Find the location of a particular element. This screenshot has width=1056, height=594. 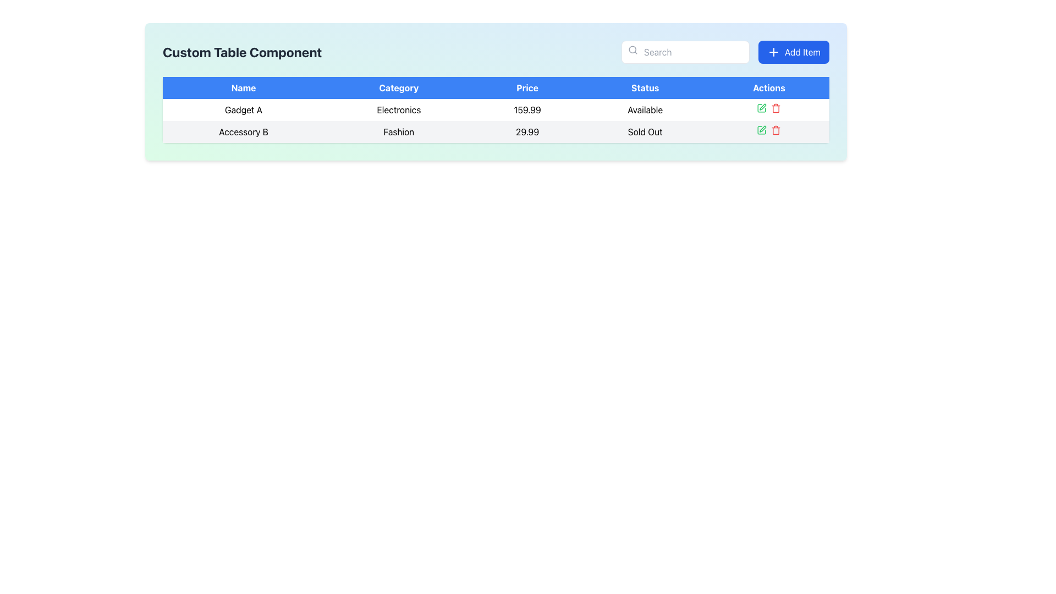

the 'Add' icon located on the 'Add Item' button in the top-right section of the interface is located at coordinates (773, 52).